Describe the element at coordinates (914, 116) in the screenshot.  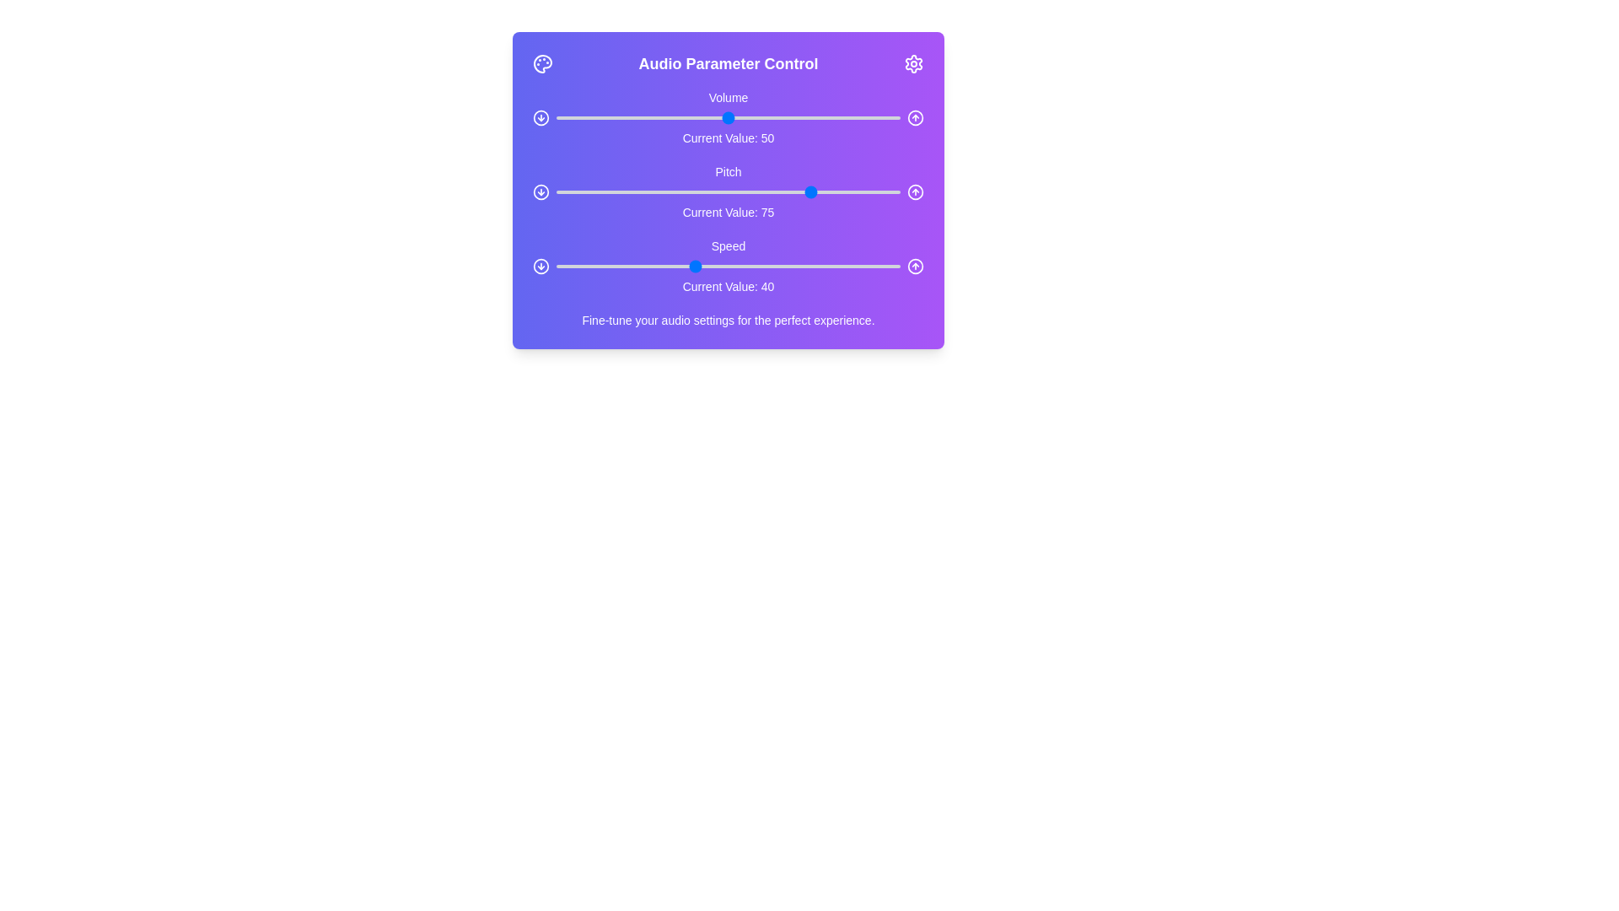
I see `increment button for the parameter volume to increase its value` at that location.